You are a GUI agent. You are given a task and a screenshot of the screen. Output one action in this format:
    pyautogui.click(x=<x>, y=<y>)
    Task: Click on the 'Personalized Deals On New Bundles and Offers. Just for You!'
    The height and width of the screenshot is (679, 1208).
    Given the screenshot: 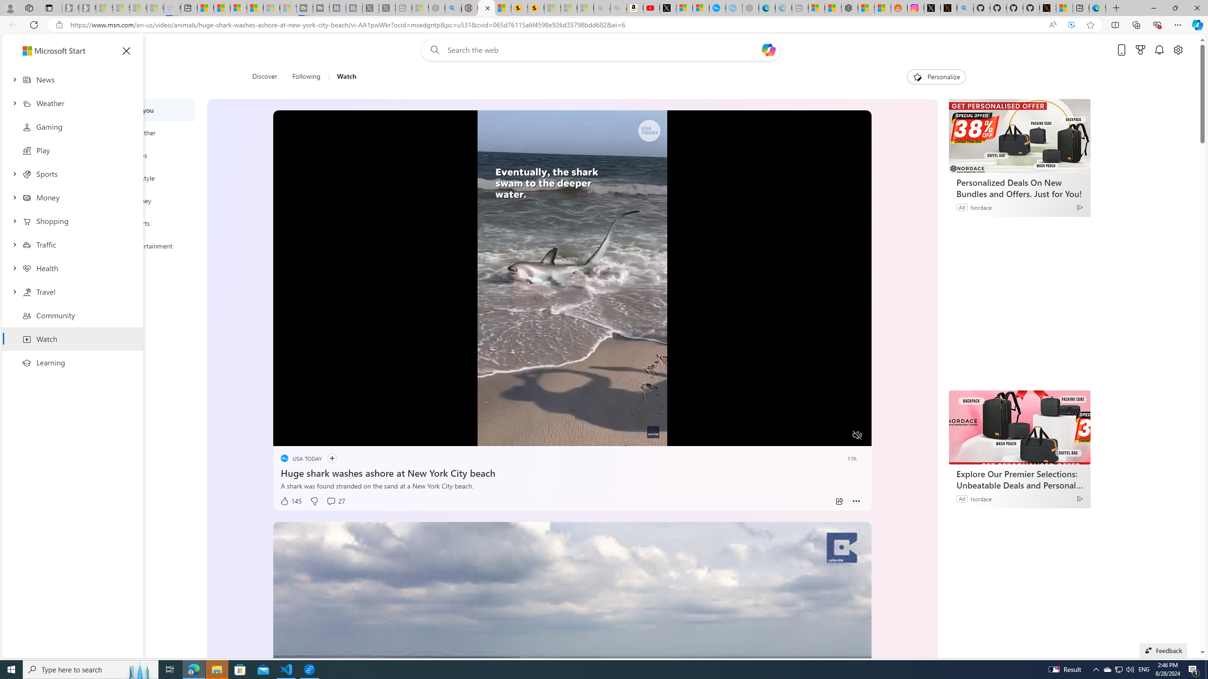 What is the action you would take?
    pyautogui.click(x=1019, y=135)
    